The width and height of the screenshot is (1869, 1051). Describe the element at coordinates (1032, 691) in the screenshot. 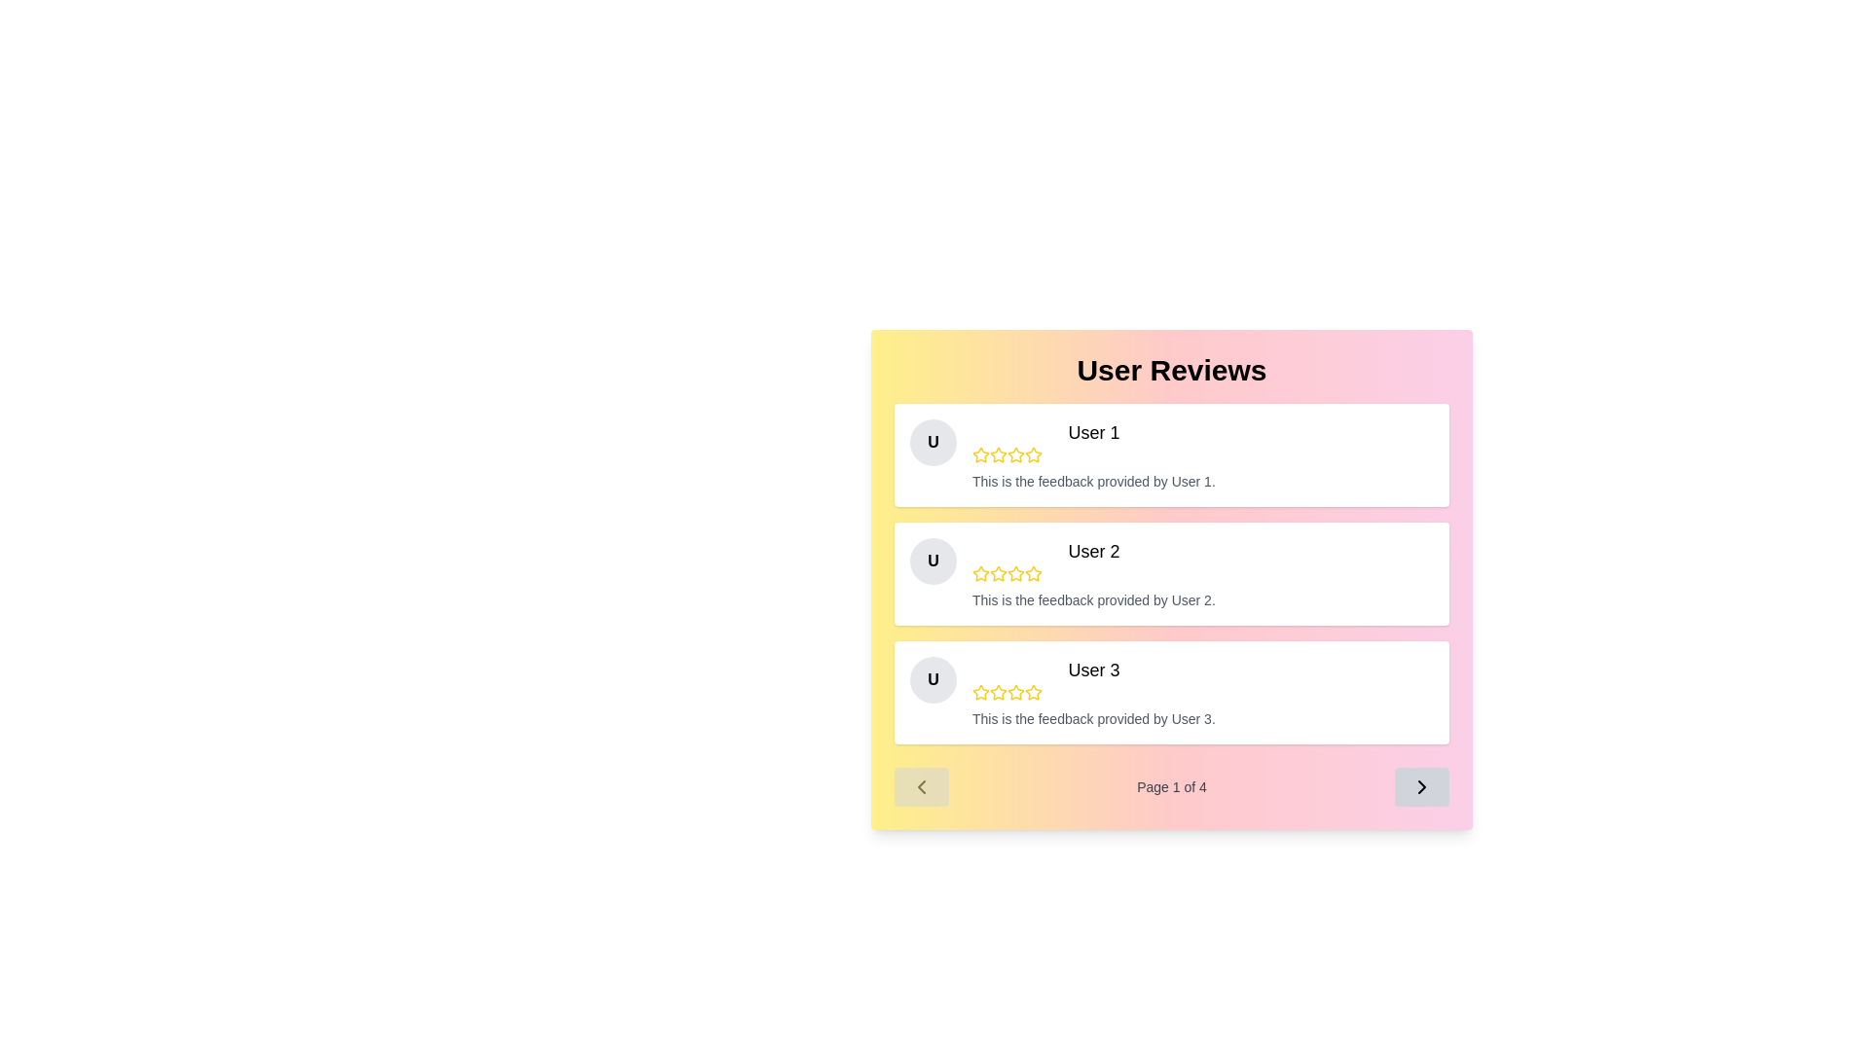

I see `the fourth clickable star icon in the rating system of the 'User 3' review panel` at that location.